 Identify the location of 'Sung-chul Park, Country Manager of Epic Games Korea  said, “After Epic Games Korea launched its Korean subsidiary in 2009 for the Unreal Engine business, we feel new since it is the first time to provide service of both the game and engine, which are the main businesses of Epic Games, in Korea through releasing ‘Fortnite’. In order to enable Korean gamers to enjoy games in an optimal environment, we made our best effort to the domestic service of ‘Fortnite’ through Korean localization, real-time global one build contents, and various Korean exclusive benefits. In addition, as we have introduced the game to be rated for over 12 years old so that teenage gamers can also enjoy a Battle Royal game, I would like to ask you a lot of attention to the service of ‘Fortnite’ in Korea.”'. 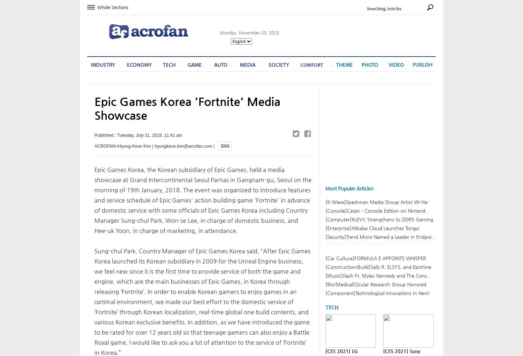
(202, 301).